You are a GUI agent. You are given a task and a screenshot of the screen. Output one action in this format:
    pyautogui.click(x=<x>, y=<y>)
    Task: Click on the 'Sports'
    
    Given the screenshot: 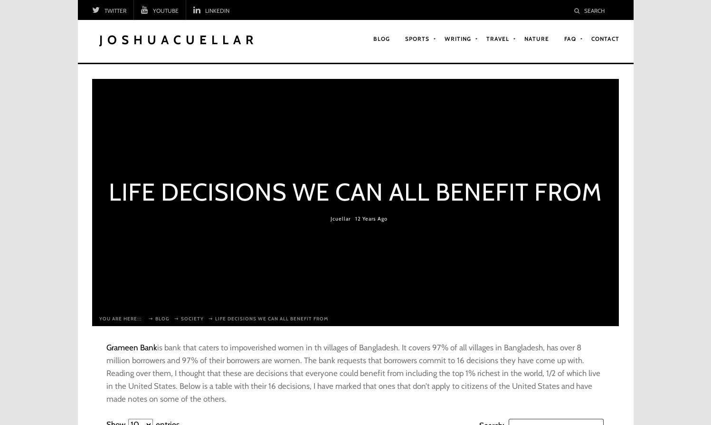 What is the action you would take?
    pyautogui.click(x=417, y=38)
    